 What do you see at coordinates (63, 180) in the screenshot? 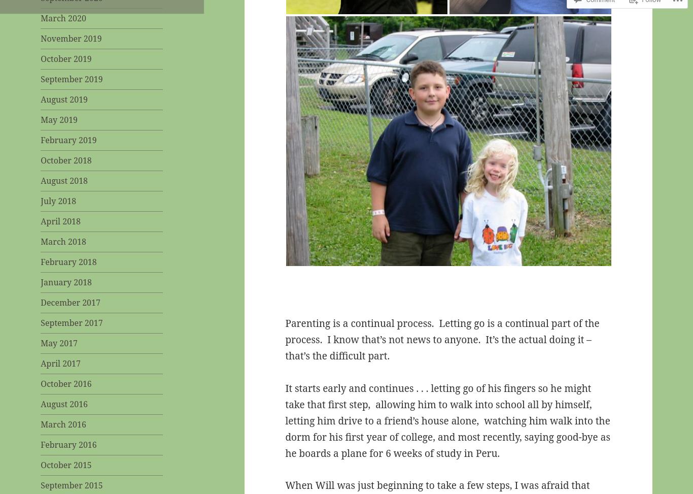
I see `'August 2018'` at bounding box center [63, 180].